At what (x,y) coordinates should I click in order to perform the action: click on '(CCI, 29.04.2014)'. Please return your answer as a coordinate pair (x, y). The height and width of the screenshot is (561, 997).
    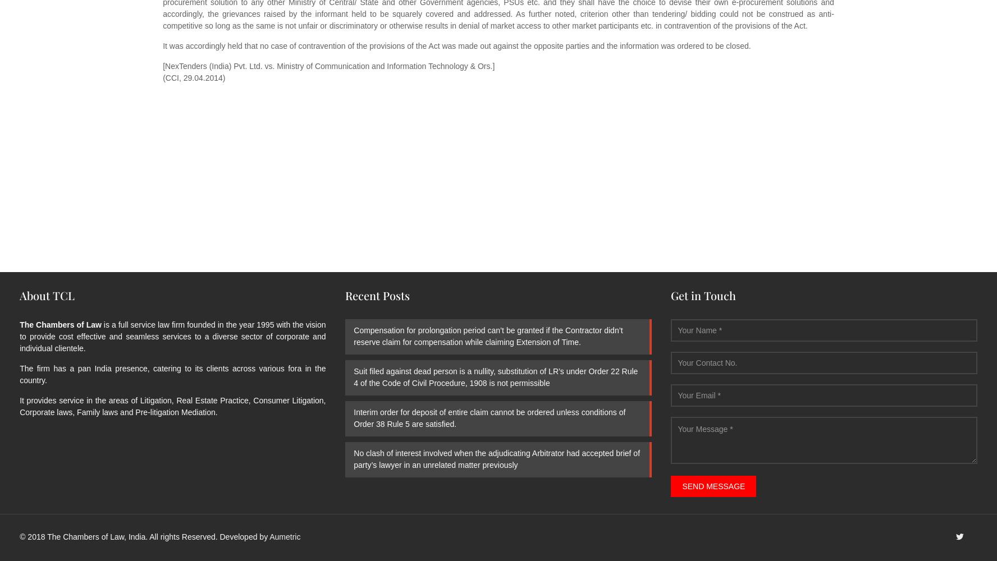
    Looking at the image, I should click on (193, 78).